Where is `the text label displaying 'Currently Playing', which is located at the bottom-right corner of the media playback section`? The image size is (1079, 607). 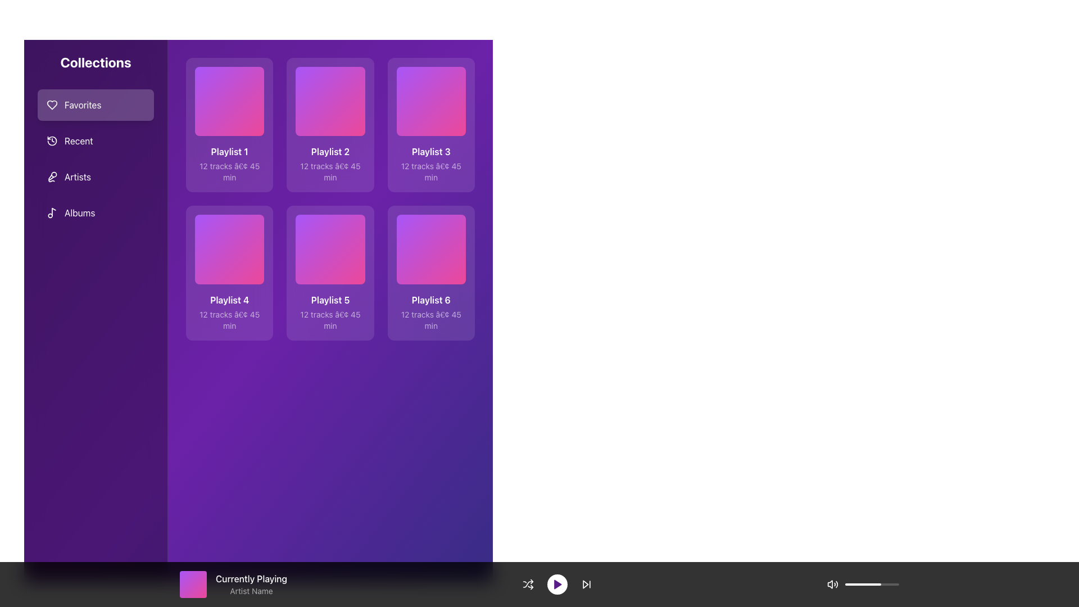 the text label displaying 'Currently Playing', which is located at the bottom-right corner of the media playback section is located at coordinates (251, 578).